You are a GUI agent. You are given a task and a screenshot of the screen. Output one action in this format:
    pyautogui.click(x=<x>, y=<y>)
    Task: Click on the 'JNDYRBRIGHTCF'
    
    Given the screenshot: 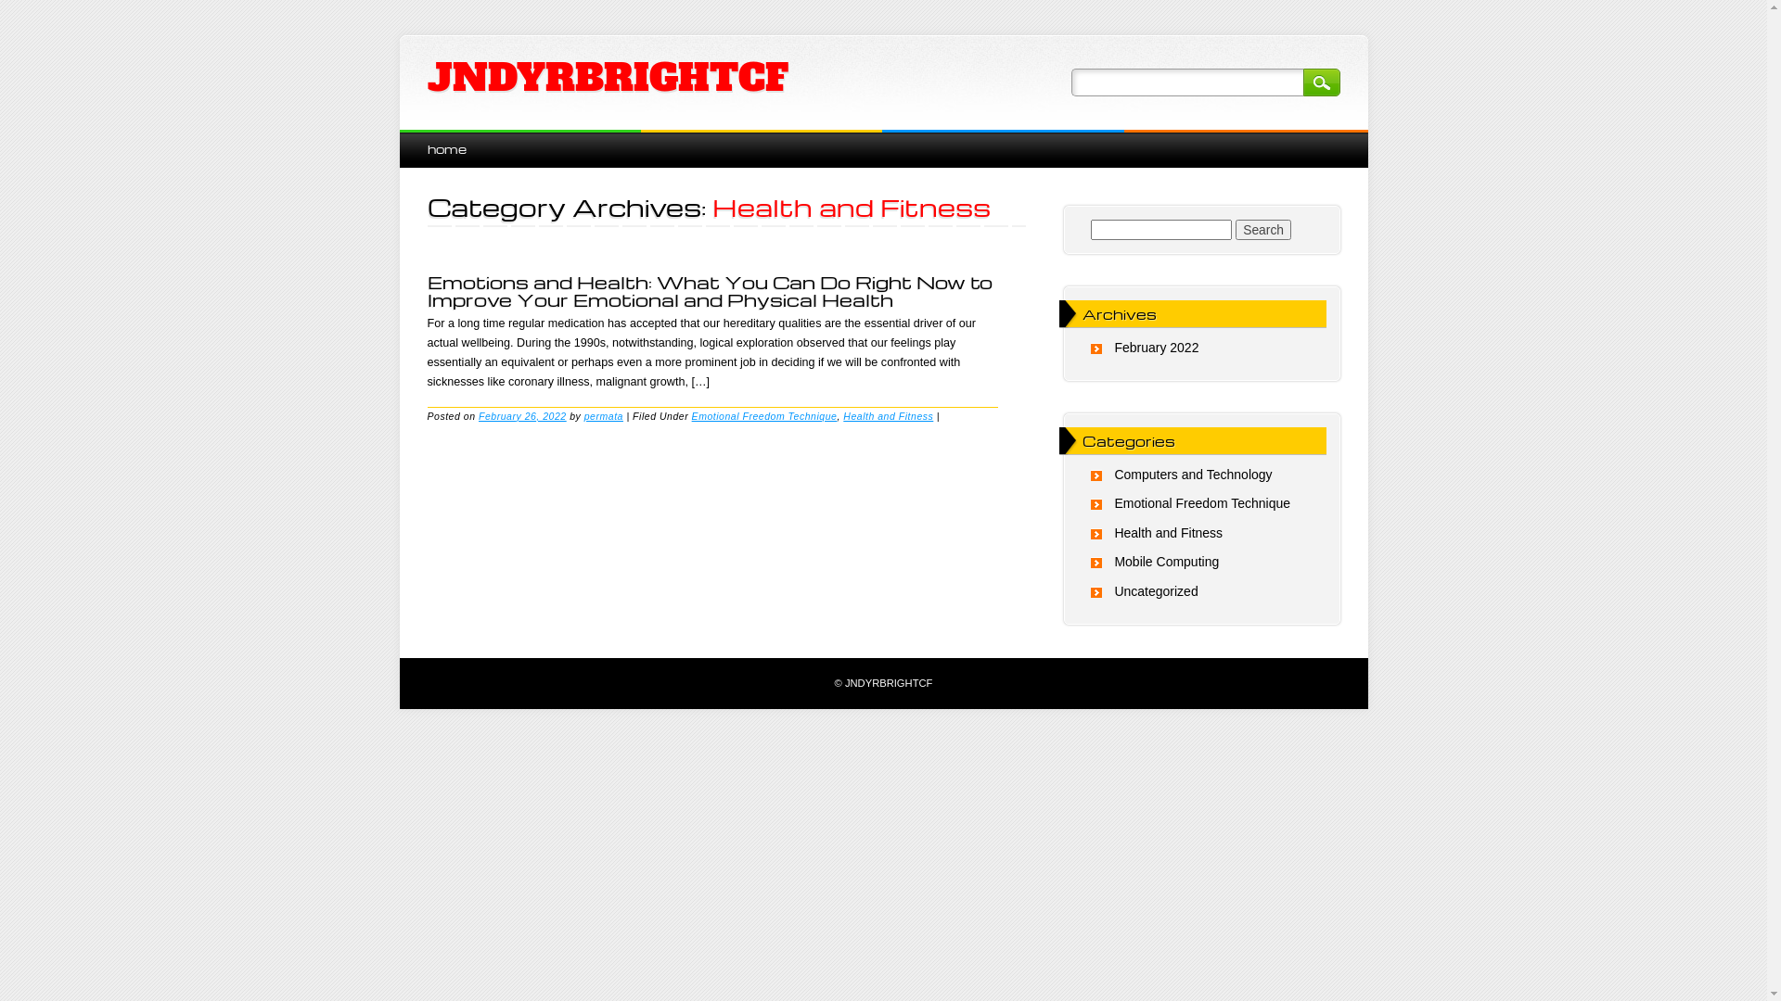 What is the action you would take?
    pyautogui.click(x=426, y=77)
    